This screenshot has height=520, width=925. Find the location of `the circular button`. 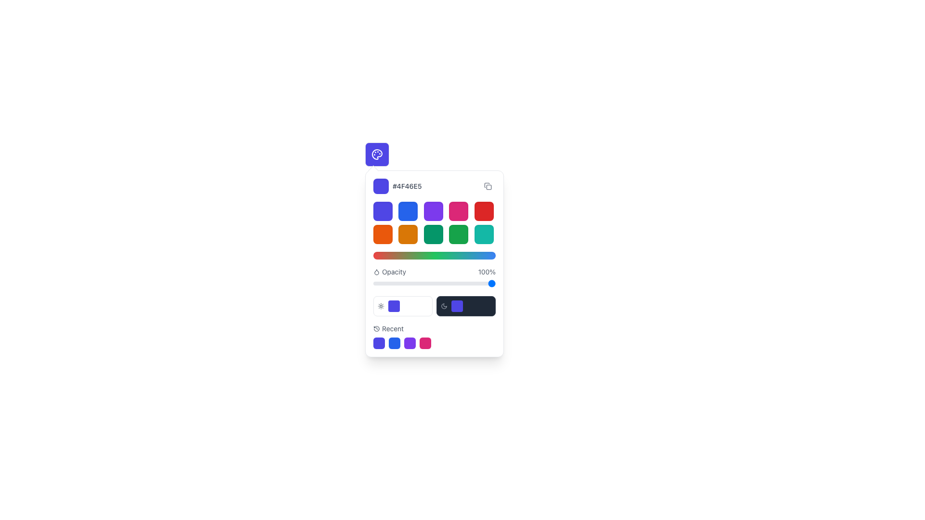

the circular button is located at coordinates (434, 343).